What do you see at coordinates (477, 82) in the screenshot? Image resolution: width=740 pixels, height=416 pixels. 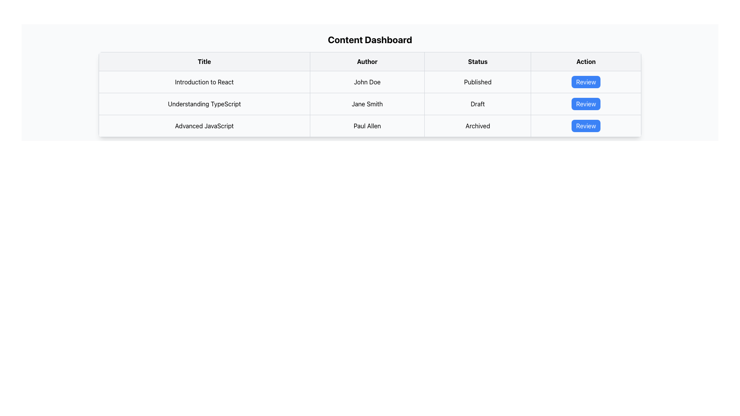 I see `the informational label displaying the publication status for 'Introduction to React' located in the 'Status' column of the first row of the data table` at bounding box center [477, 82].